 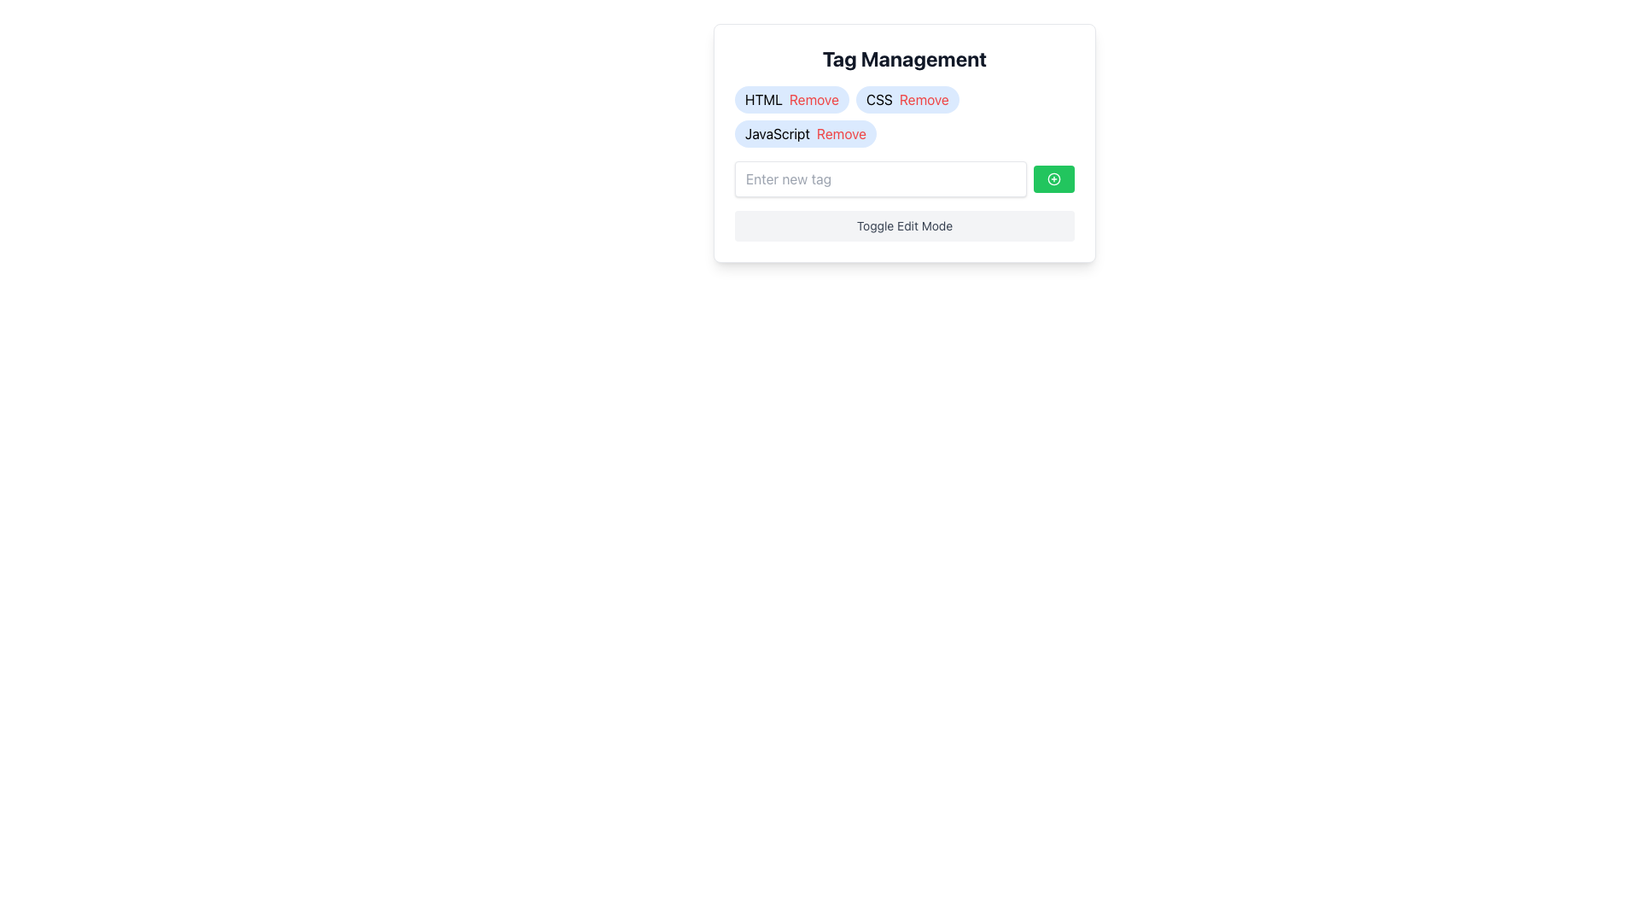 I want to click on the 'Remove' button with red text located to the right of 'CSS' in the tag management section to observe any hover effects, so click(x=923, y=99).